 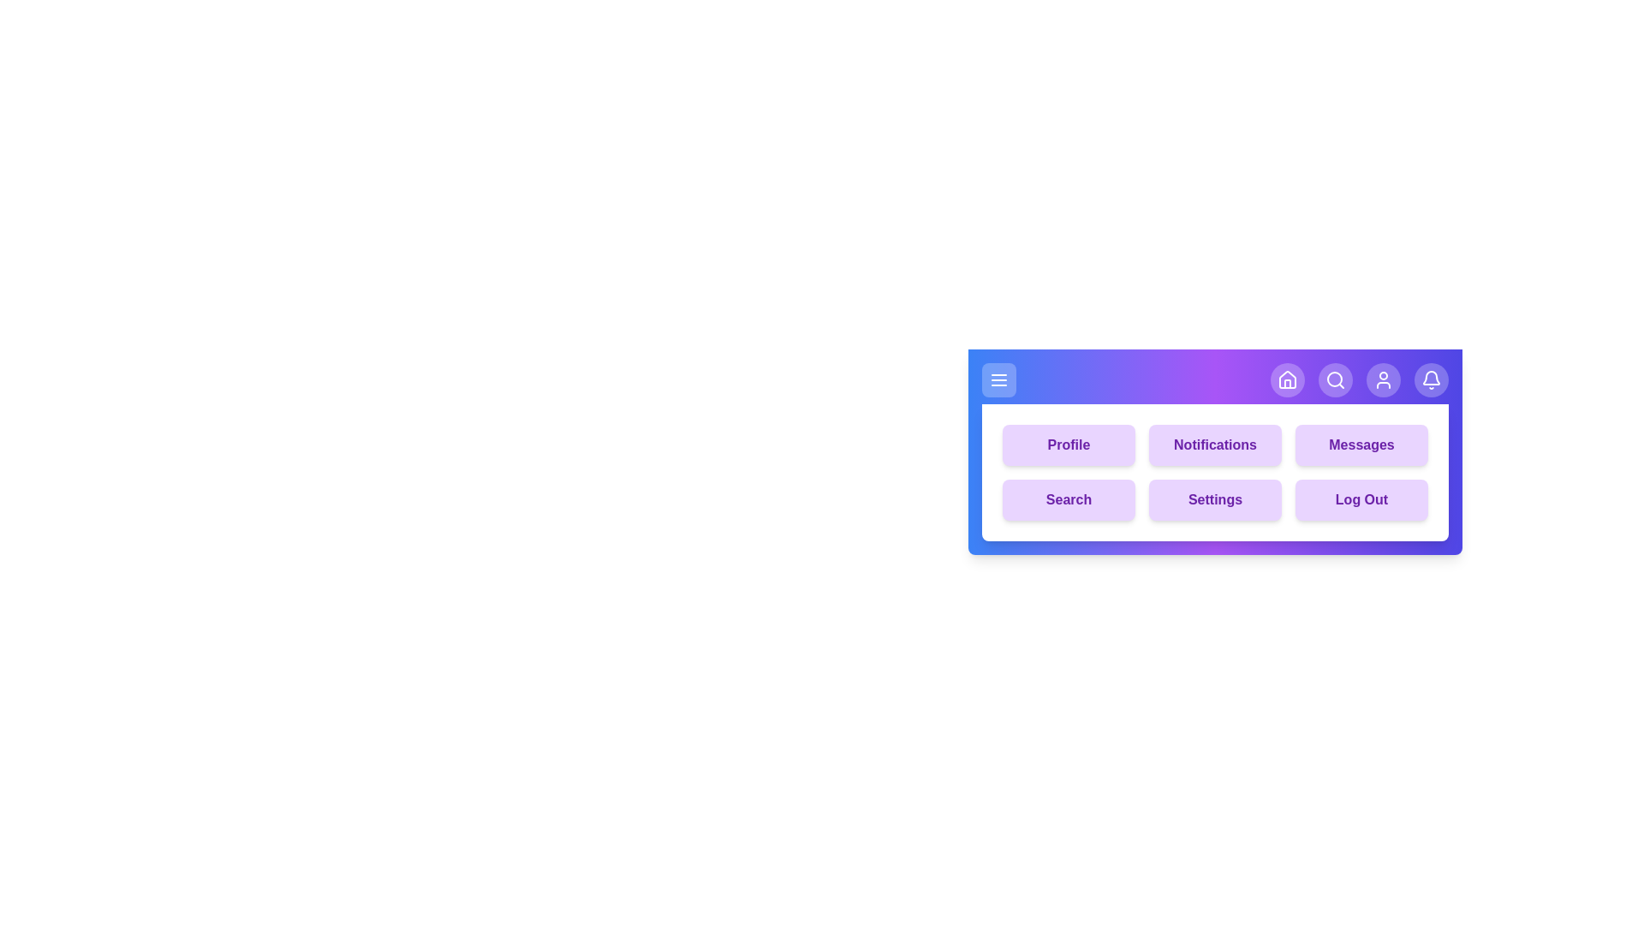 What do you see at coordinates (1361, 499) in the screenshot?
I see `the menu button labeled Log Out` at bounding box center [1361, 499].